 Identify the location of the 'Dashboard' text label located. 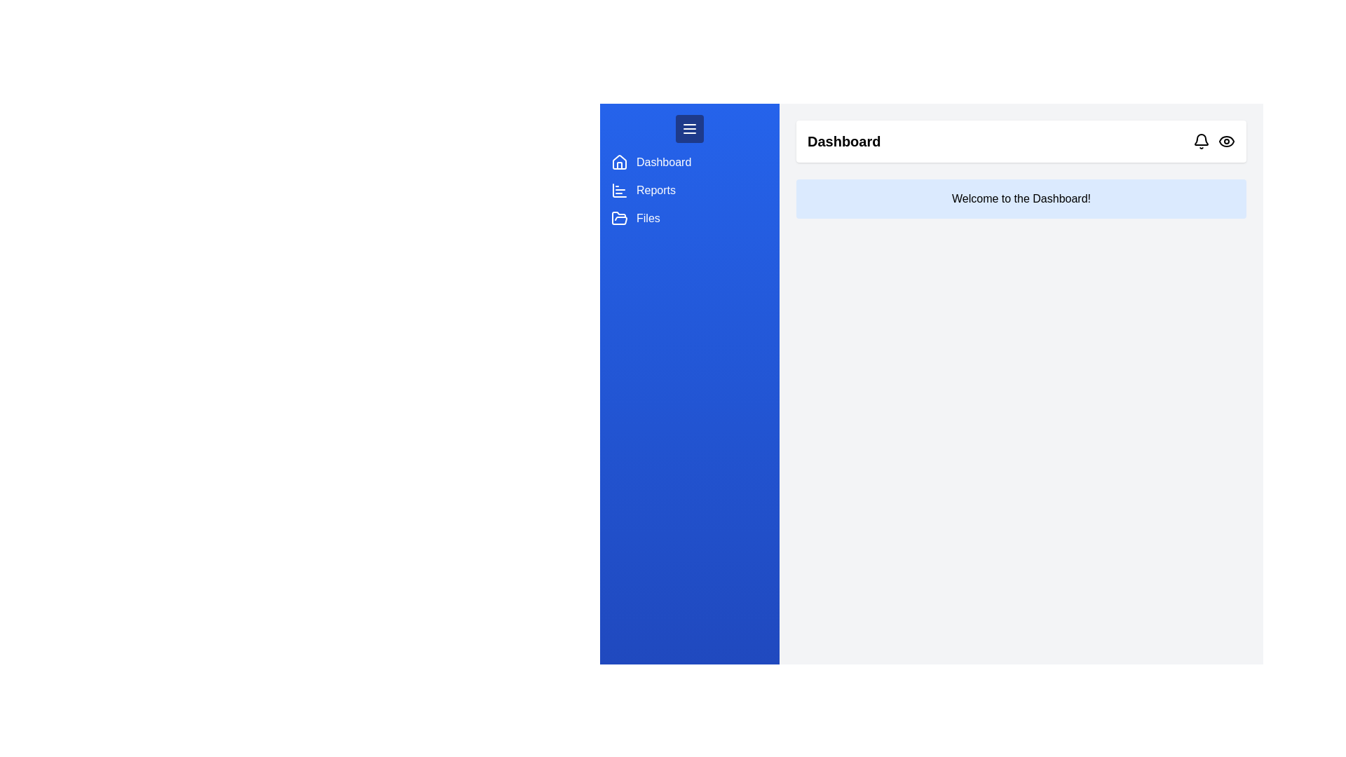
(662, 161).